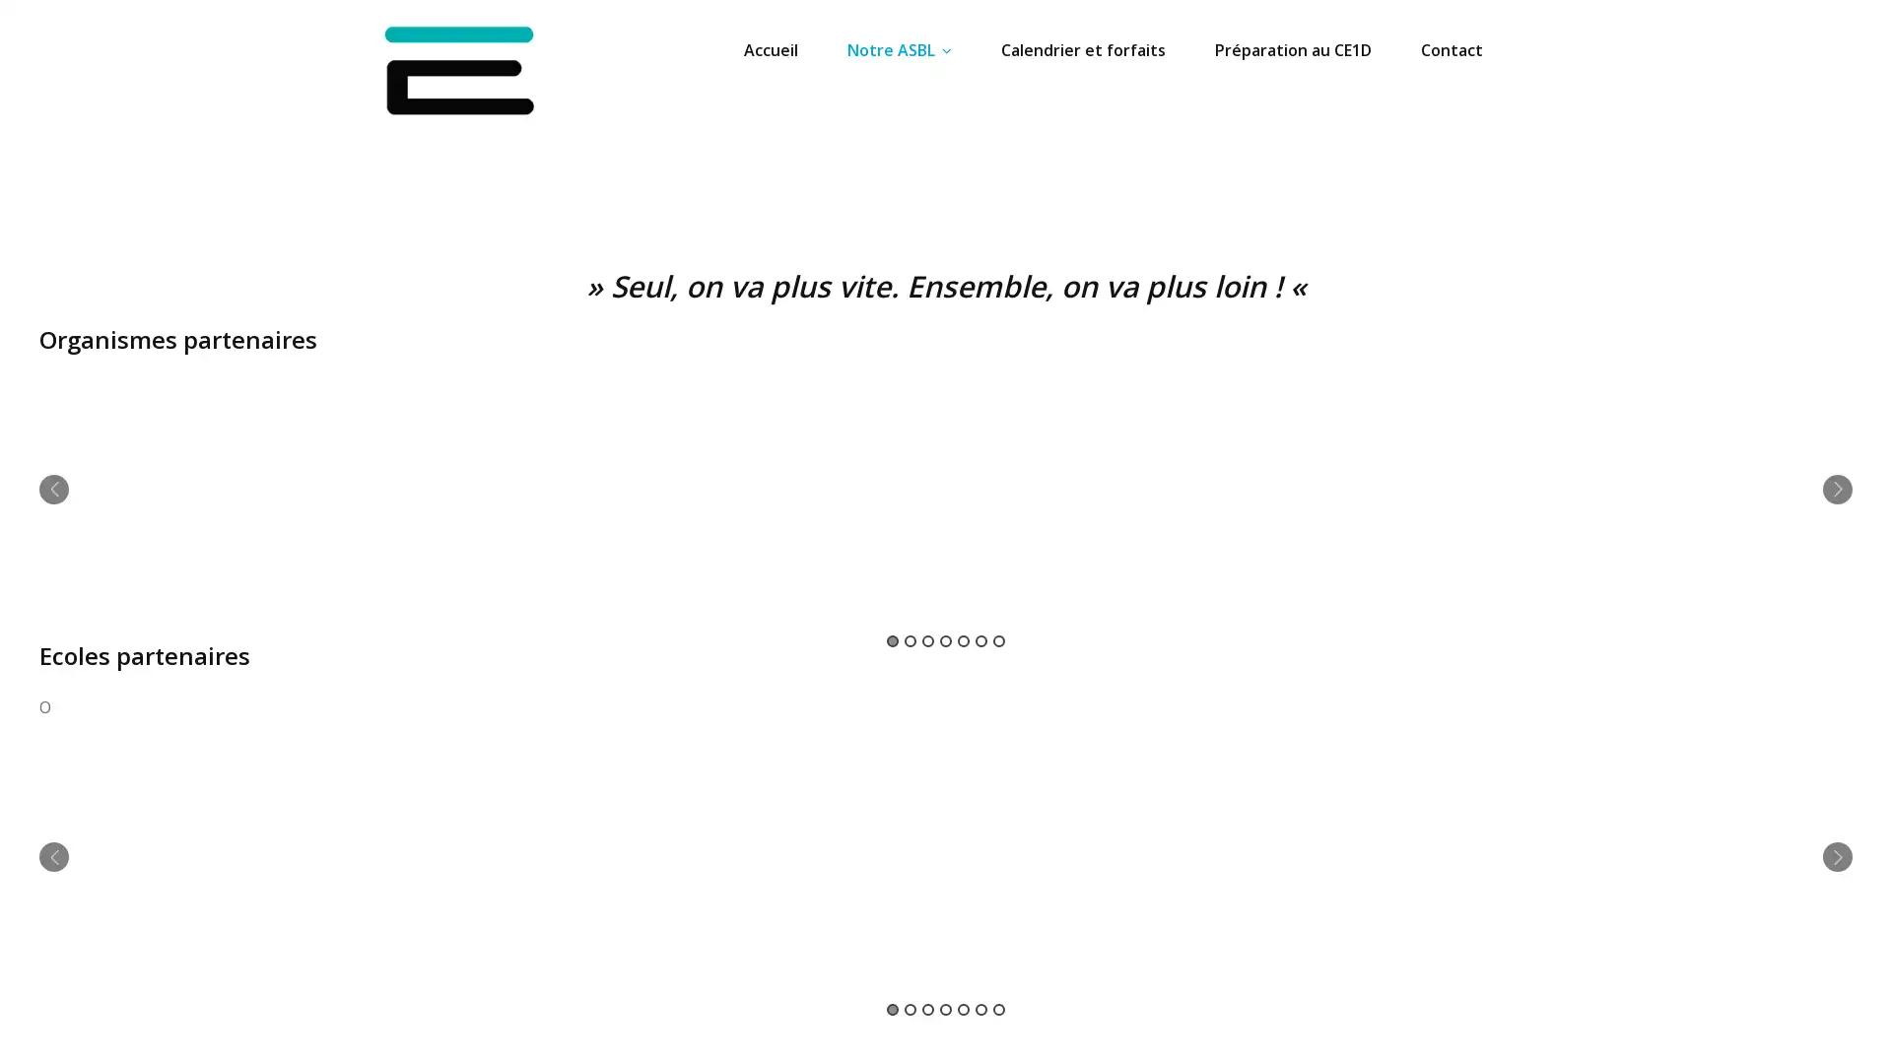 The height and width of the screenshot is (1064, 1892). I want to click on 7, so click(998, 641).